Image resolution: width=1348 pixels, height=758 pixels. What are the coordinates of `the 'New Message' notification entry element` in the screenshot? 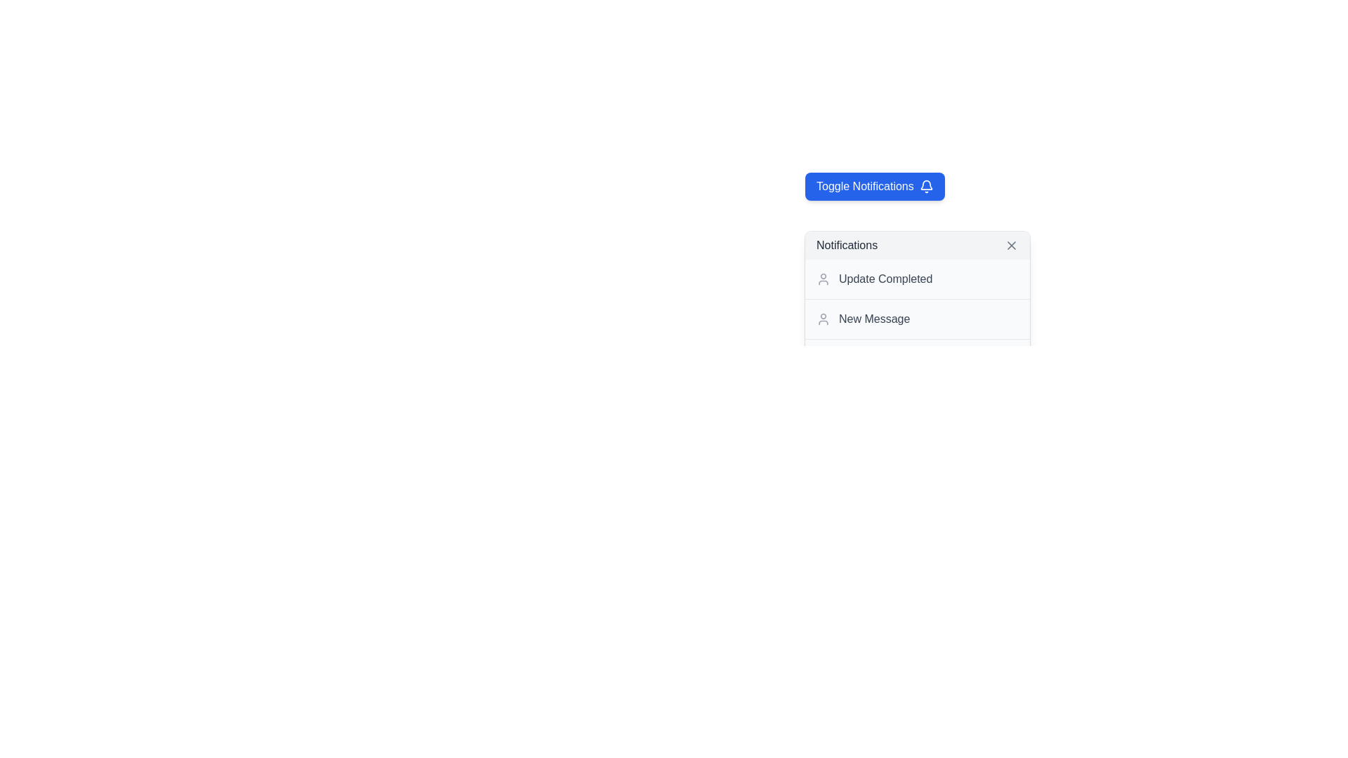 It's located at (917, 319).